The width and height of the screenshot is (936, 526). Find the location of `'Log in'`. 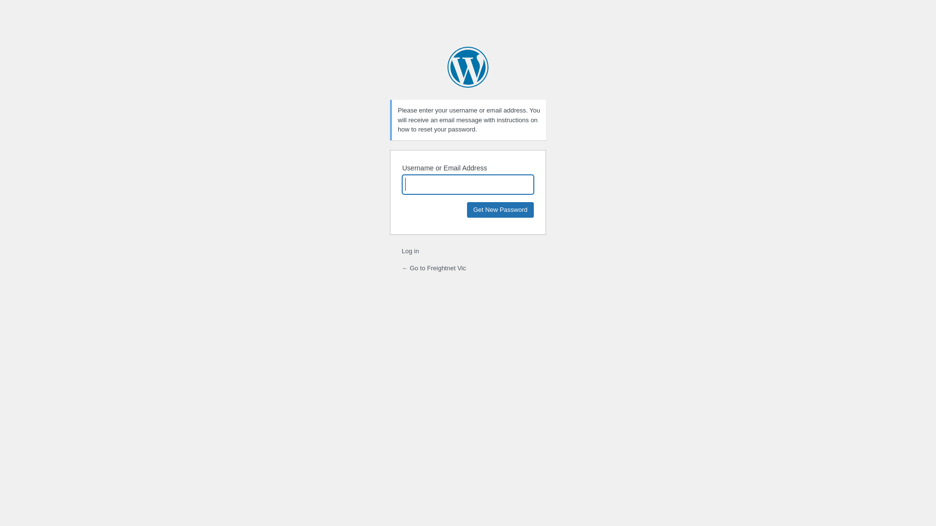

'Log in' is located at coordinates (402, 250).